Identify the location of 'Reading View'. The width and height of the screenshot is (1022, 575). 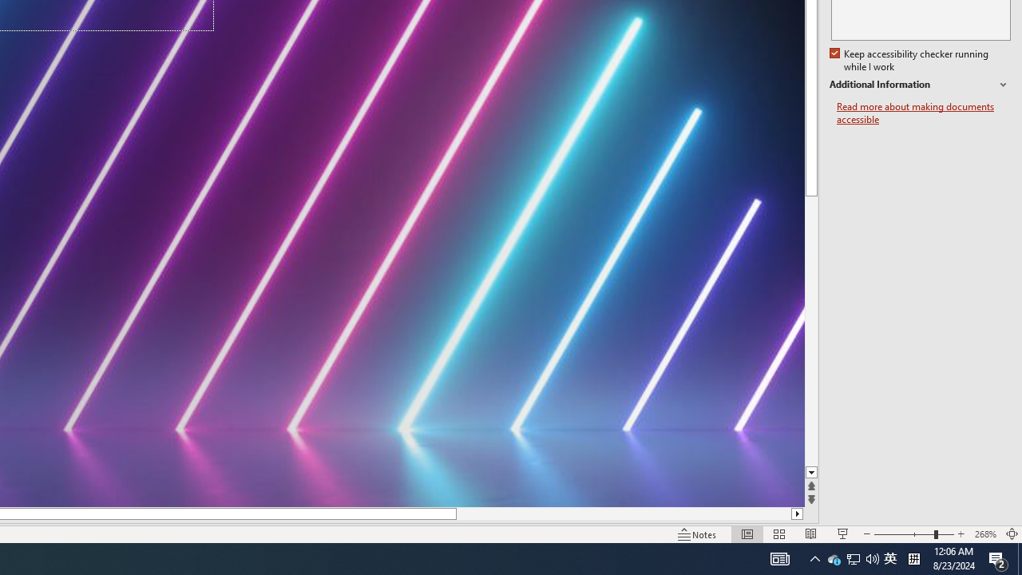
(810, 534).